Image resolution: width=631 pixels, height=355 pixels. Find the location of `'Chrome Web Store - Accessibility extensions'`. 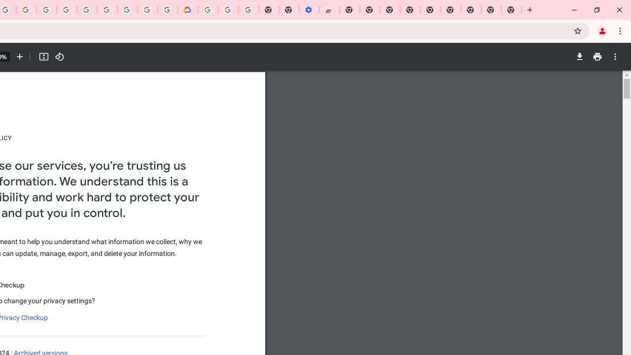

'Chrome Web Store - Accessibility extensions' is located at coordinates (329, 10).